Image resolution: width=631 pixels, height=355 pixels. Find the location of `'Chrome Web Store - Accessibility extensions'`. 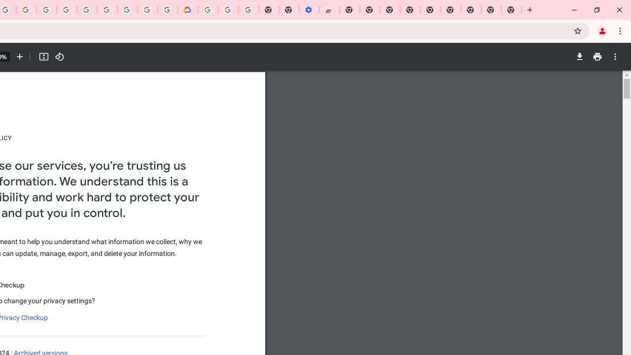

'Chrome Web Store - Accessibility extensions' is located at coordinates (329, 10).